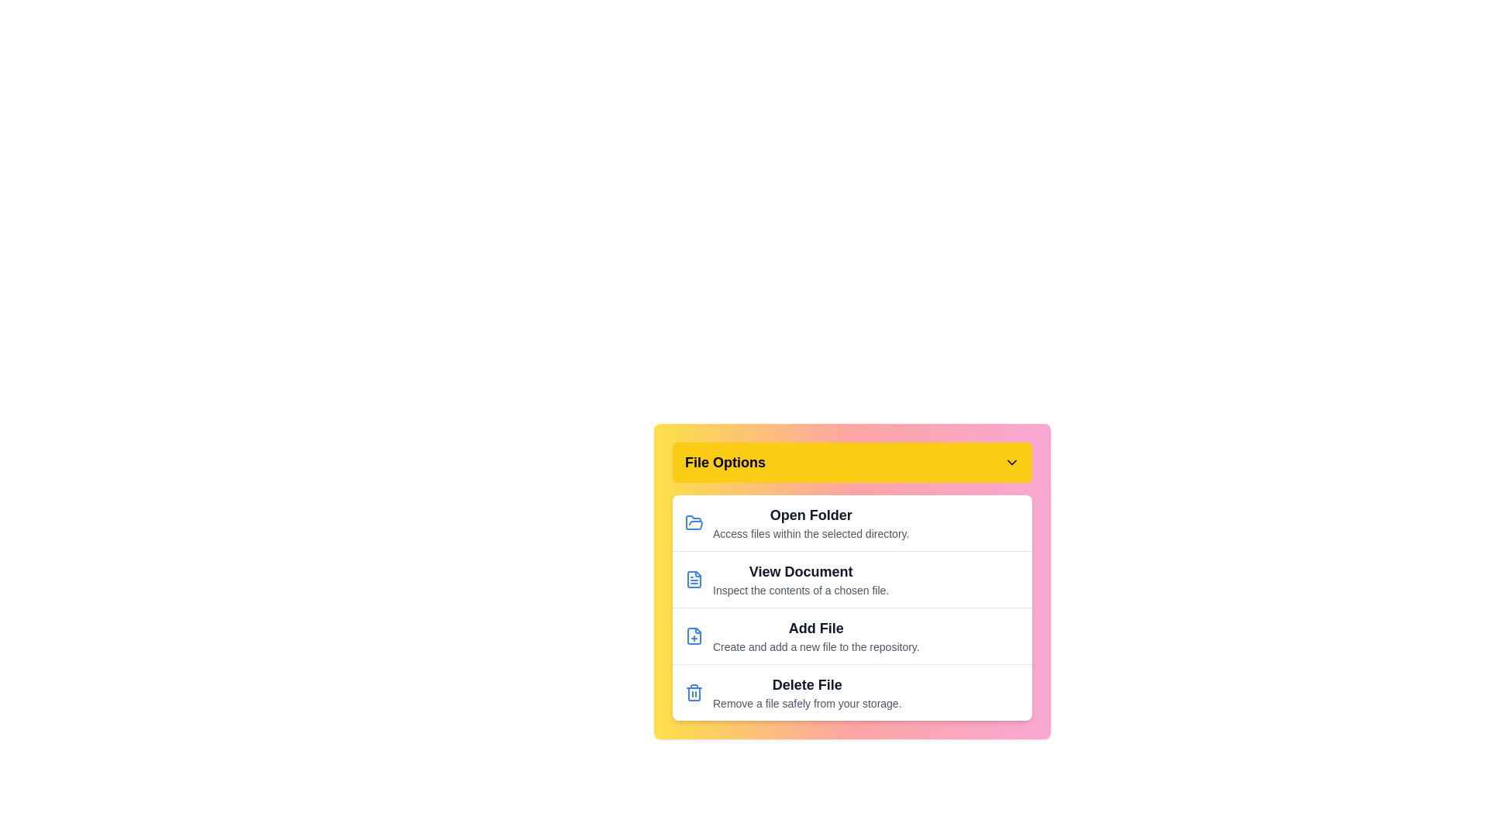 The image size is (1488, 837). I want to click on the document icon with a plus sign, styled in blue, located next to the 'Add File' label in the 'File Options' menu, so click(694, 636).